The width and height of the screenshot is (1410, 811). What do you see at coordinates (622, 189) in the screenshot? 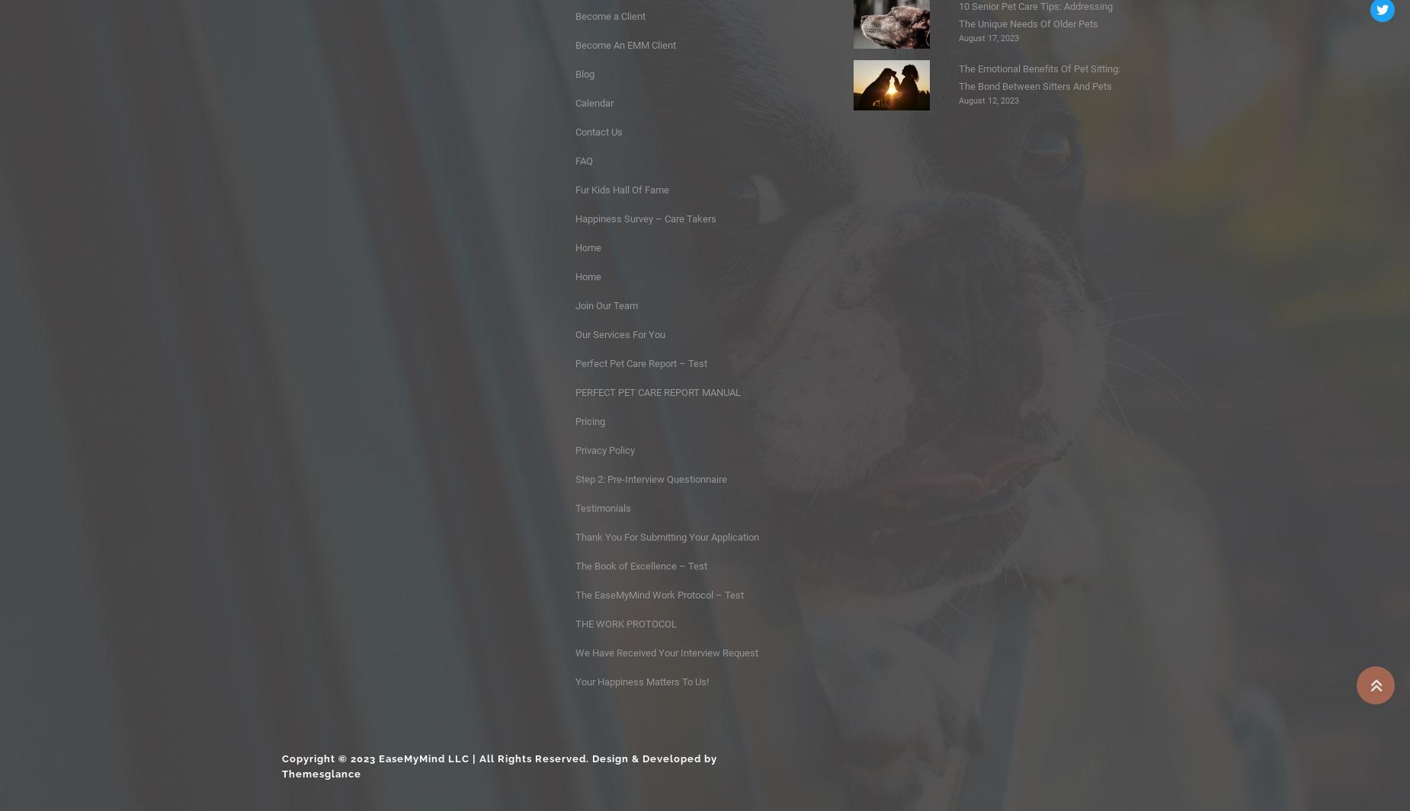
I see `'Fur Kids Hall Of Fame'` at bounding box center [622, 189].